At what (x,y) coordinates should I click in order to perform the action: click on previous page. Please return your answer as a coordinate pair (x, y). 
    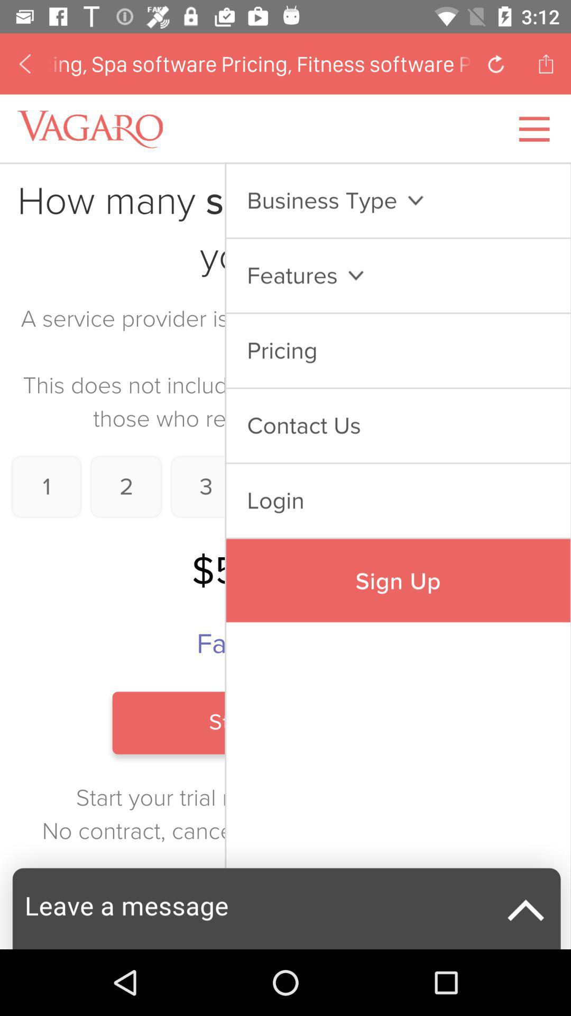
    Looking at the image, I should click on (24, 63).